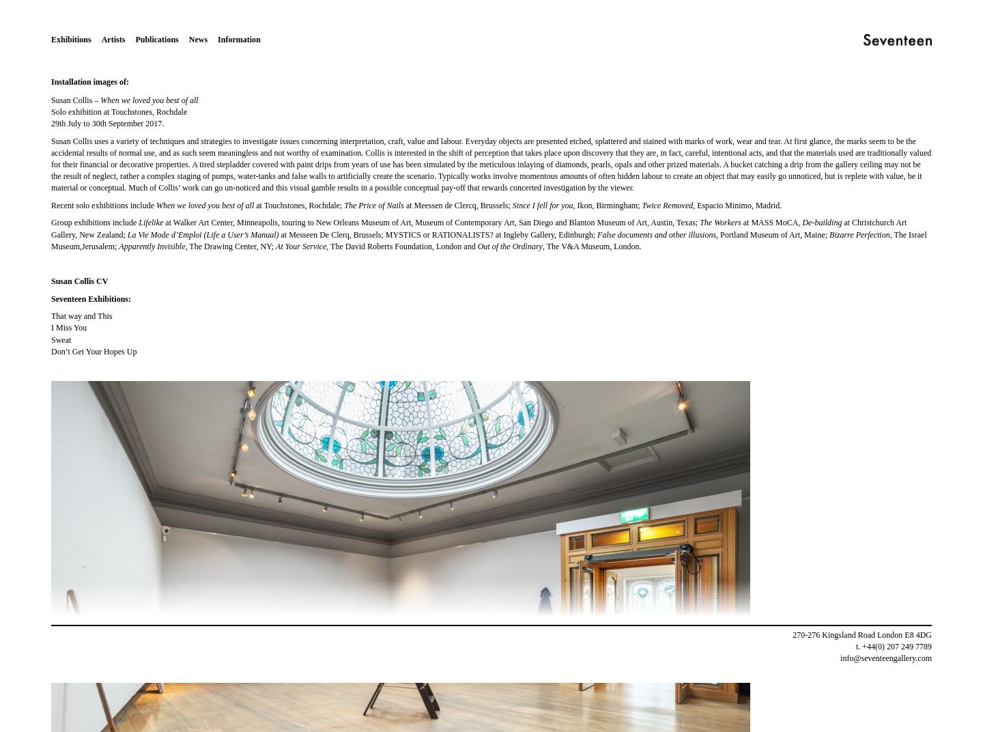  What do you see at coordinates (491, 164) in the screenshot?
I see `'Susan Collis uses a variety of techniques and strategies to investigate issues concerning interpretation, craft, value and labour. Everyday objects are presented etched, splattered and stained with marks of work, wear and tear. At first glance, the marks seem to be the accidental results of normal use, and as such seem meaningless and not worthy of examination. Collis is interested in the shift of perception that takes place upon discovery that they are, in fact, careful, intentional acts, and that the materials used are traditionally valued for their financial or decorative properties. A tired stepladder covered with paint drips from years of use has been simulated by the meticulous inlaying of diamonds, pearls, opals and other prized materials. A bucket catching a drip from the gallery ceiling may not be the result of neglect, rather a complex staging of pumps, water-tanks and false walls to artificially create the scenario. Typically works involve momentous amounts of often hidden labour to create an object that may easily go unnoticed, but is replete with value, be it material or conceptual. Much of Collis’ work can go un-noticed and this visual gamble results in a possible conceptual pay-off that rewards concerted investigation by the viewer.'` at bounding box center [491, 164].